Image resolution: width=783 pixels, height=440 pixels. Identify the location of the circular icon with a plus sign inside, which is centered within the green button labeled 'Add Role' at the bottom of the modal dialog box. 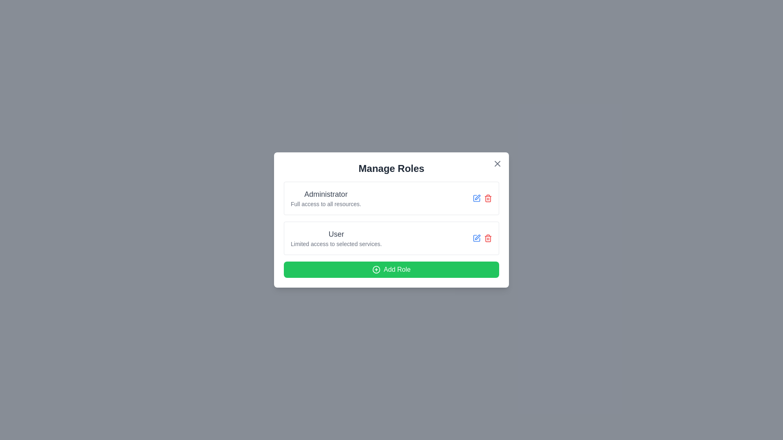
(376, 270).